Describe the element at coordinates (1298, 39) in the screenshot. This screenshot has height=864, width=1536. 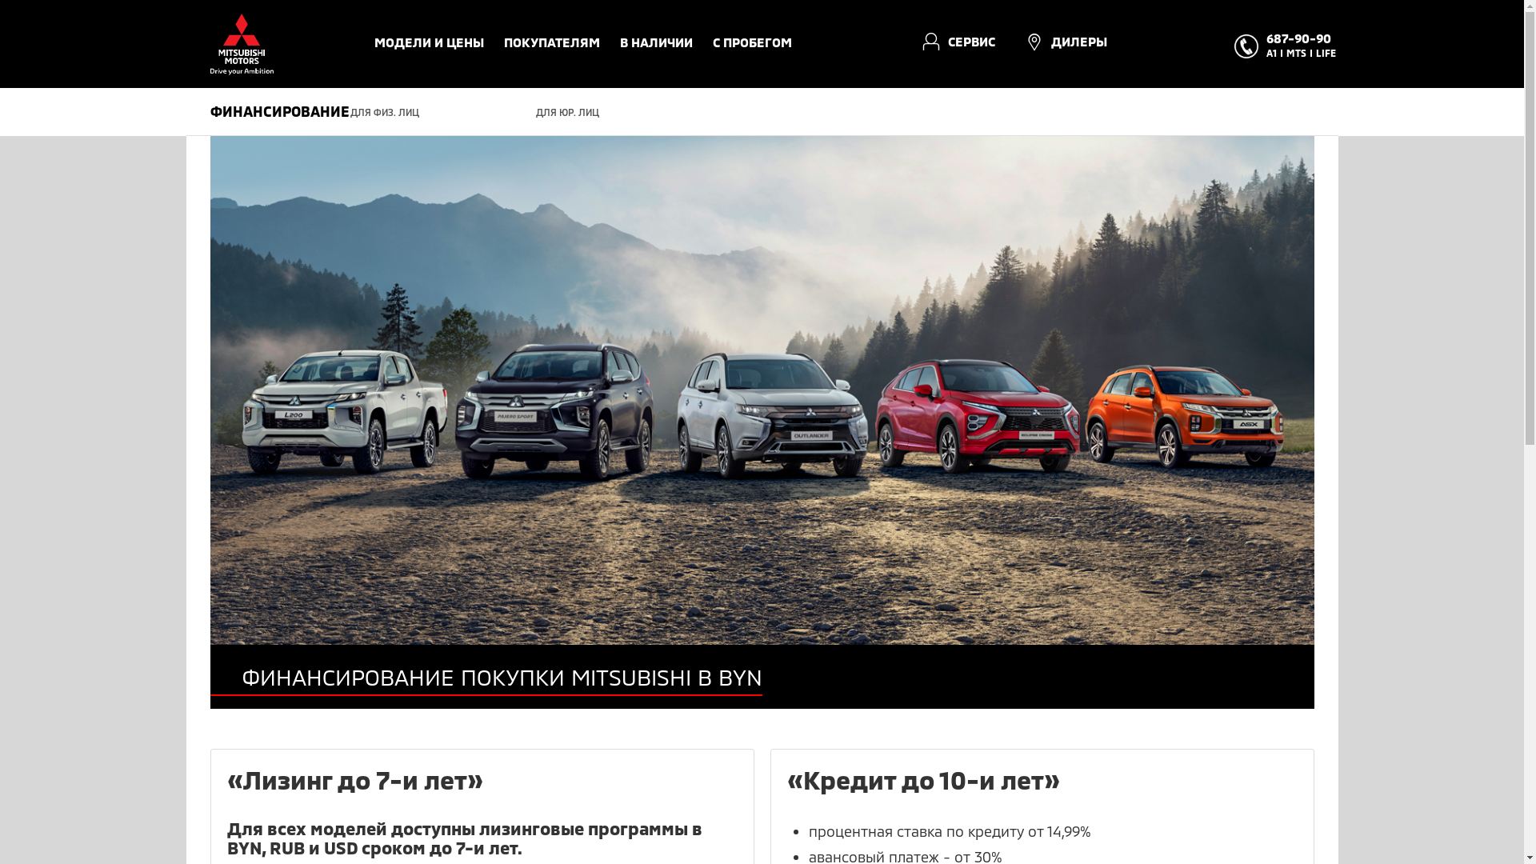
I see `'687-90-90'` at that location.